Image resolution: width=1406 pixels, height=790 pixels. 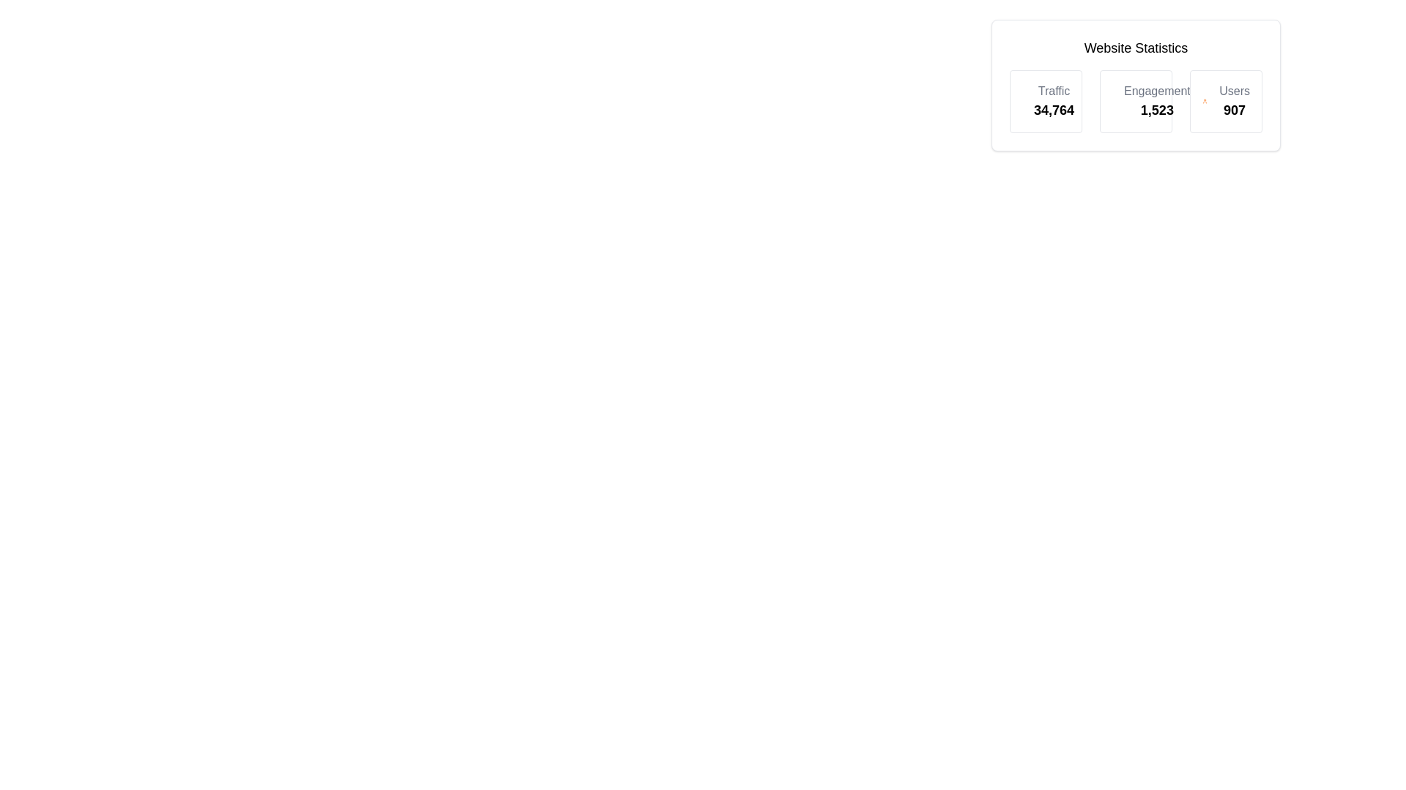 What do you see at coordinates (1053, 91) in the screenshot?
I see `the text label 'Traffic' which is styled with a light gray font and is located at the top of a box containing the value '34,764'` at bounding box center [1053, 91].